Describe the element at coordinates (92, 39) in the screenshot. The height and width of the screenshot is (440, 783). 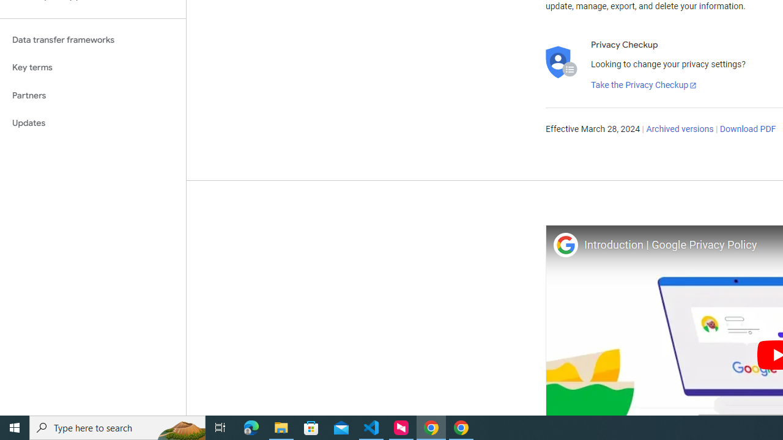
I see `'Data transfer frameworks'` at that location.